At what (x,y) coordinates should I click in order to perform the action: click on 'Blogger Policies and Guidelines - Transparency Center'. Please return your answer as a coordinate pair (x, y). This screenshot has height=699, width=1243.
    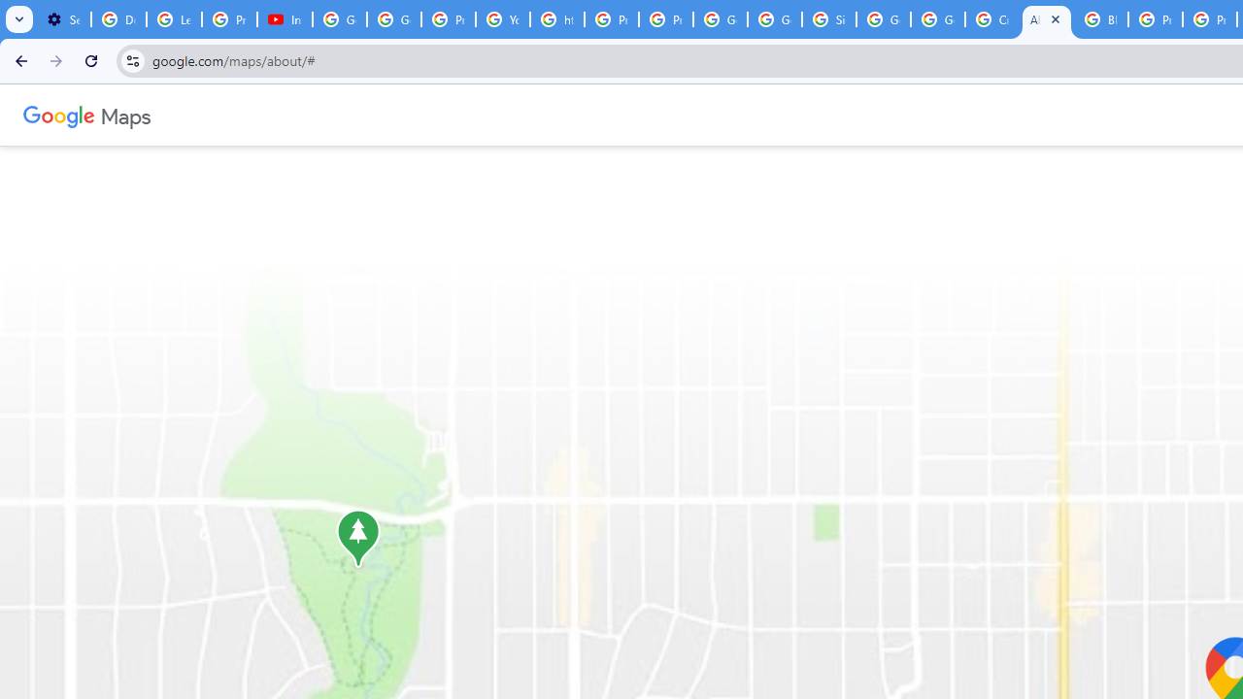
    Looking at the image, I should click on (1101, 19).